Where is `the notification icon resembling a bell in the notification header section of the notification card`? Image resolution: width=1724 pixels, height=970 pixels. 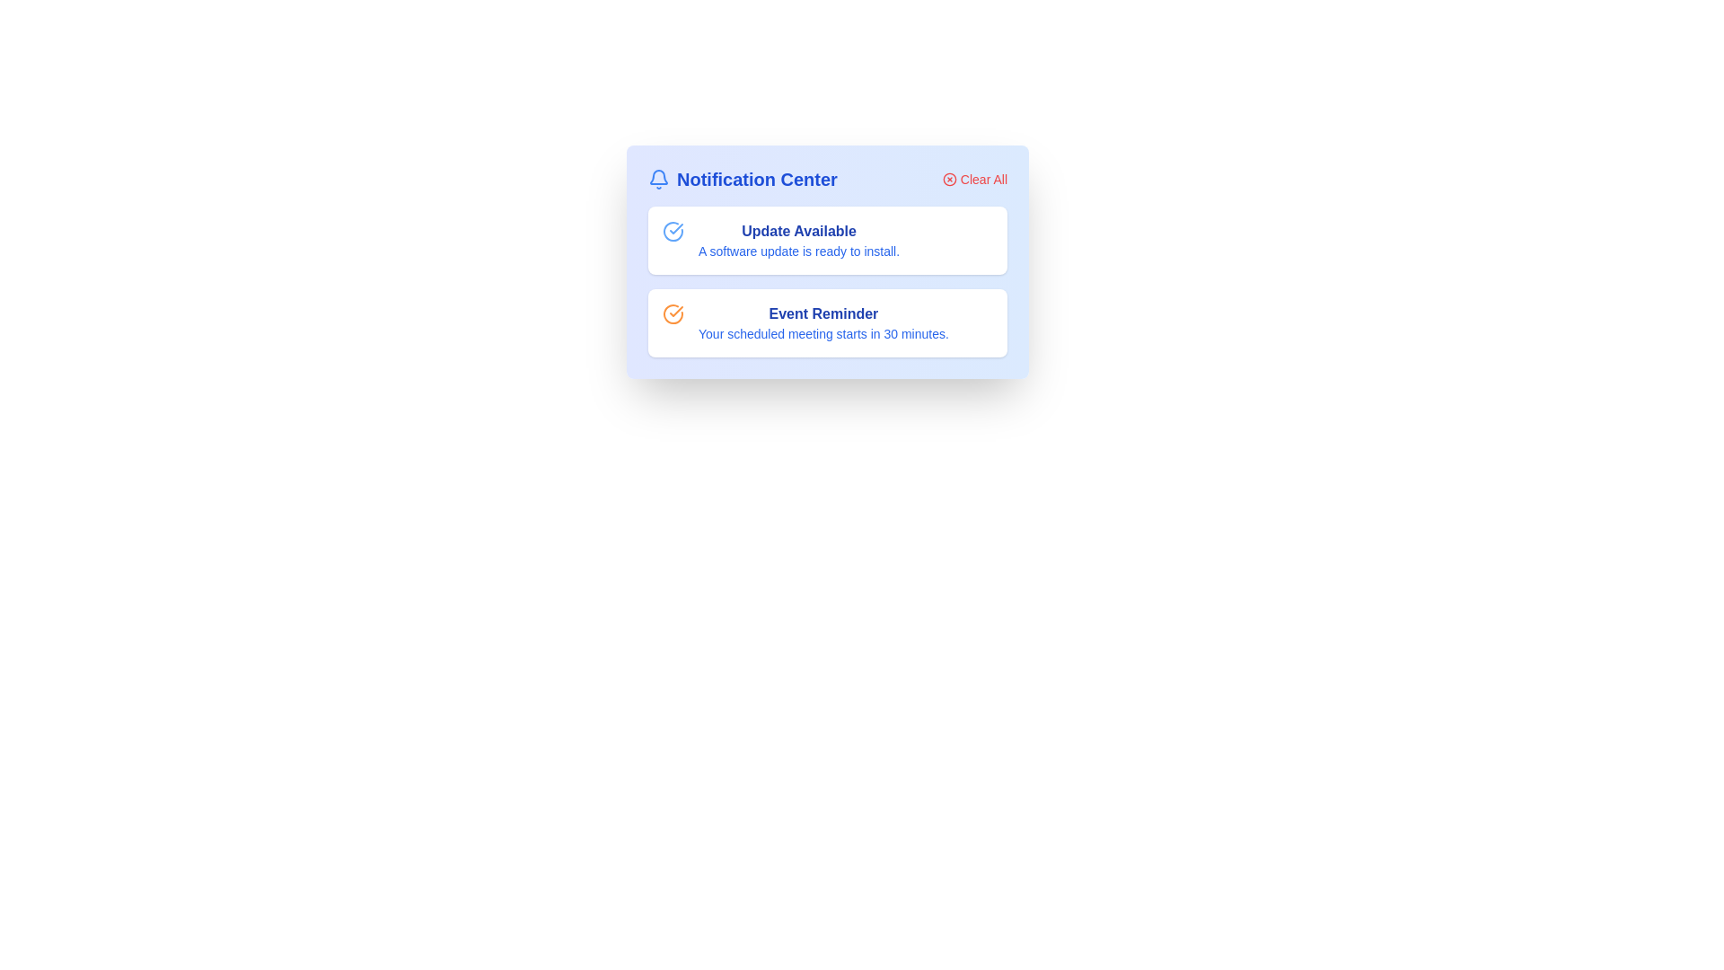
the notification icon resembling a bell in the notification header section of the notification card is located at coordinates (658, 177).